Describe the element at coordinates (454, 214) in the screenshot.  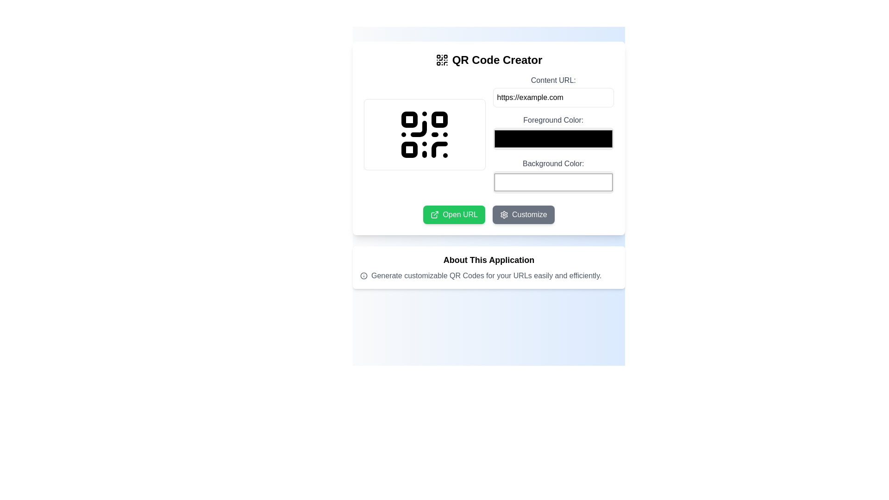
I see `the button located near the bottom of the central section of the interface, which opens a URL when clicked` at that location.